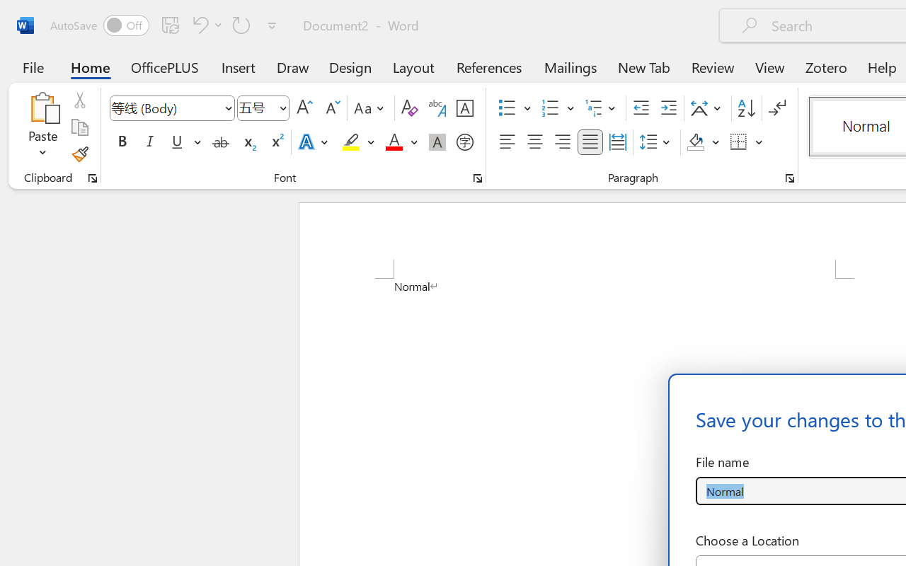 This screenshot has width=906, height=566. I want to click on 'Subscript', so click(248, 142).